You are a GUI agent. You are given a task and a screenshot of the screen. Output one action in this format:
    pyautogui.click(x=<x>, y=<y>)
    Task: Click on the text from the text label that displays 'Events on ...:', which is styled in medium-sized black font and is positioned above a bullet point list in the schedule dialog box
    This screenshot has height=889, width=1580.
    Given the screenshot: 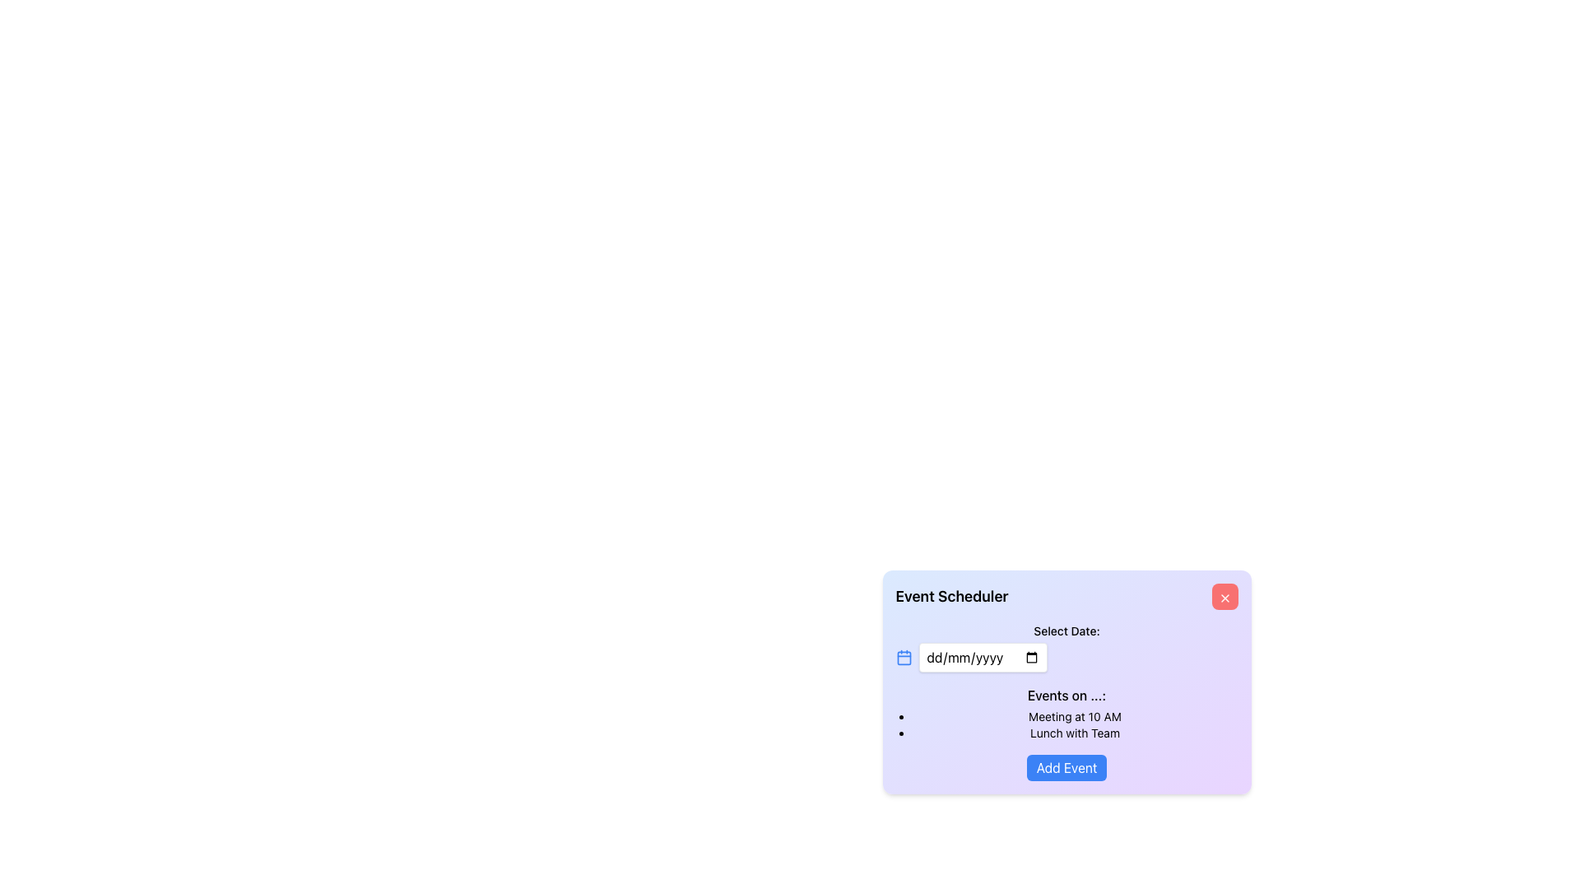 What is the action you would take?
    pyautogui.click(x=1066, y=695)
    